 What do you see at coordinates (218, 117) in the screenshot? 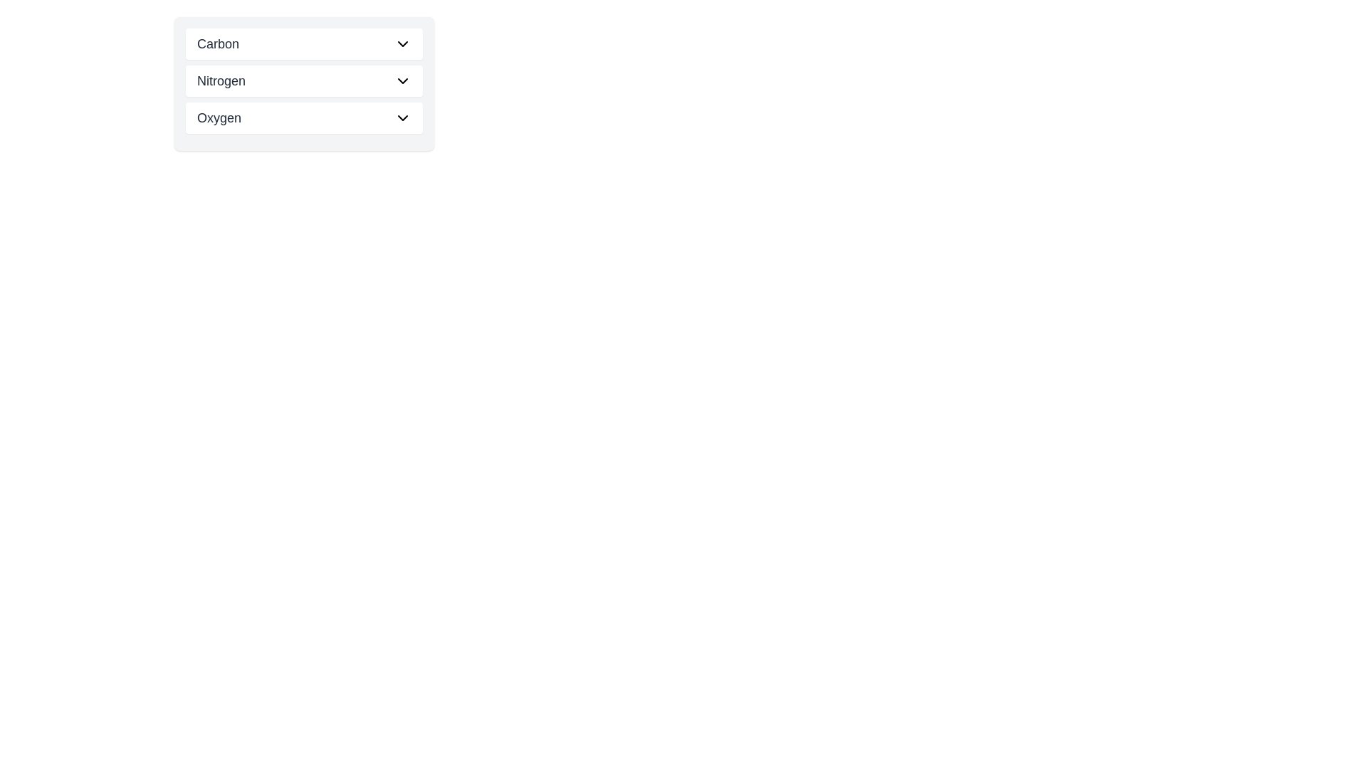
I see `text 'Oxygen' from the label located in the middle of the third item in a vertical list of selectable fields, below 'Carbon' and 'Nitrogen'` at bounding box center [218, 117].